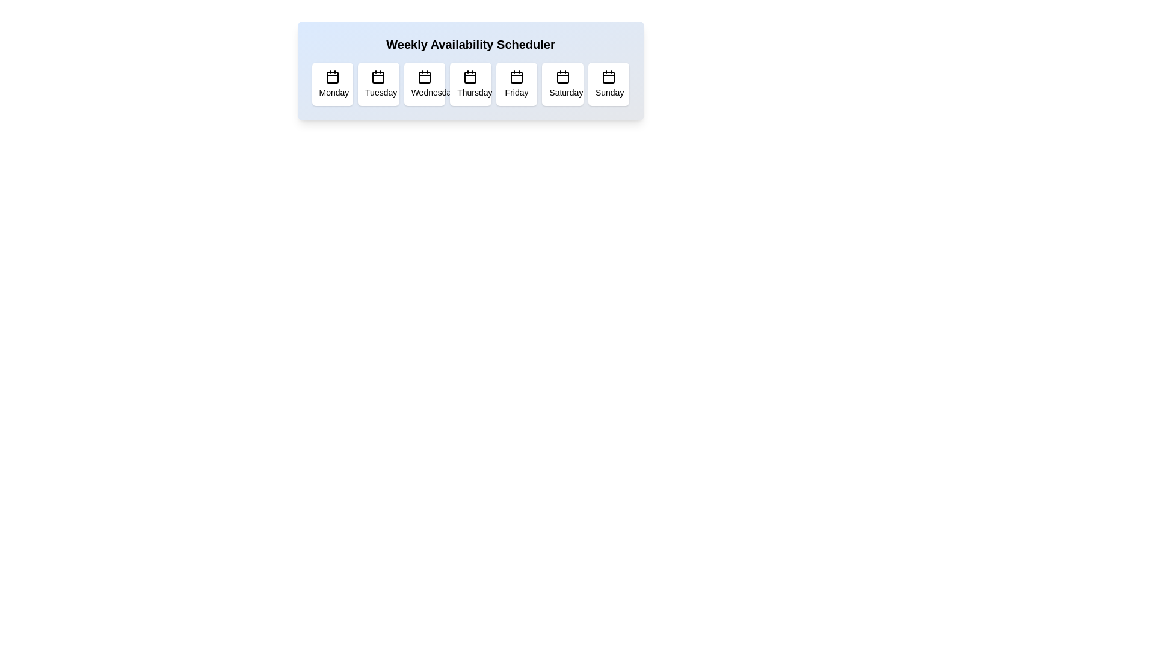 The width and height of the screenshot is (1155, 650). Describe the element at coordinates (470, 43) in the screenshot. I see `the header text 'Weekly Availability Scheduler'` at that location.